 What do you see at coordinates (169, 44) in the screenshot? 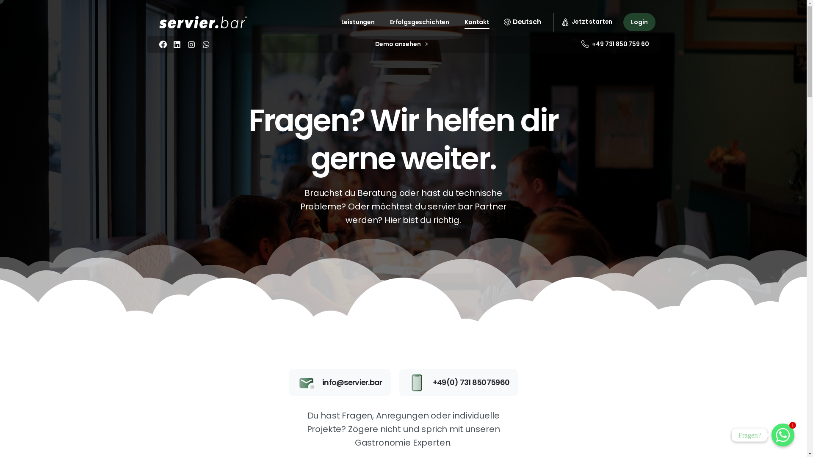
I see `'linkedin'` at bounding box center [169, 44].